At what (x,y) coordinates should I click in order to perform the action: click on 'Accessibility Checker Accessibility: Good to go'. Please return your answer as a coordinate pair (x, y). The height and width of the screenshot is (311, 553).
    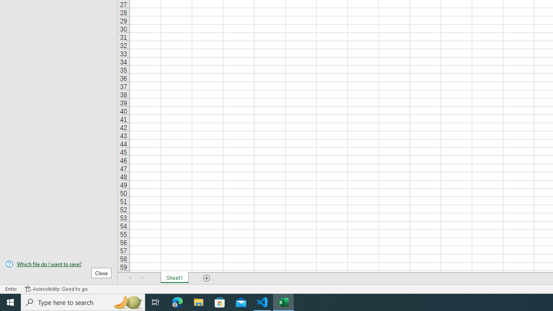
    Looking at the image, I should click on (56, 289).